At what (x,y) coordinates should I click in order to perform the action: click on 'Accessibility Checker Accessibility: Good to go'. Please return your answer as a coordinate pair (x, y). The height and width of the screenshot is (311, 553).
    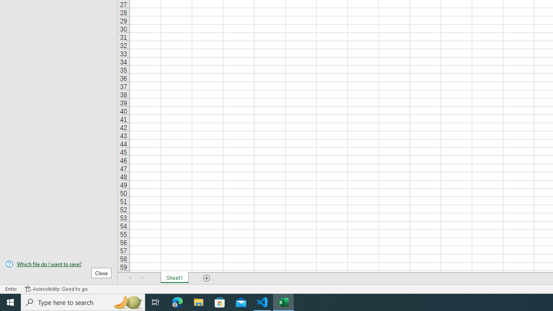
    Looking at the image, I should click on (56, 289).